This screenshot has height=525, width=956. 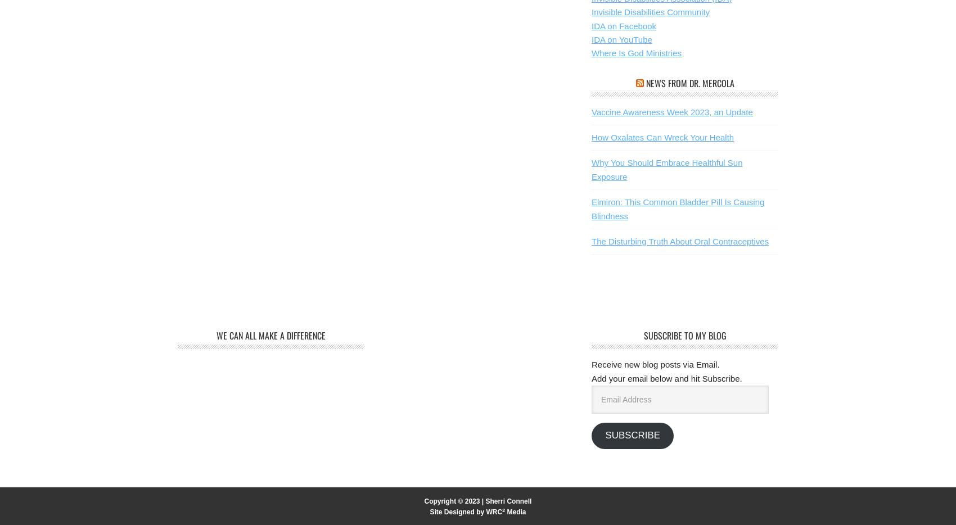 What do you see at coordinates (485, 501) in the screenshot?
I see `'Sherri Connell'` at bounding box center [485, 501].